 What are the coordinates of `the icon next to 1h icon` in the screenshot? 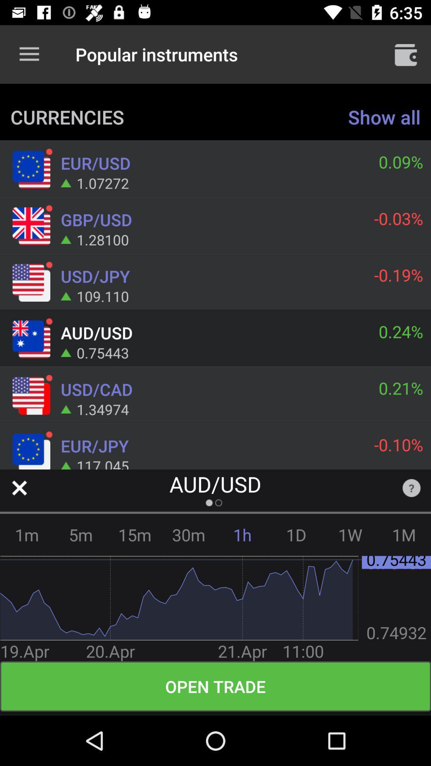 It's located at (188, 535).